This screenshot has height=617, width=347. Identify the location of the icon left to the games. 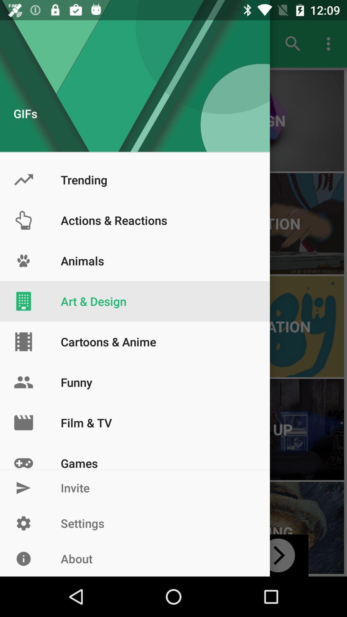
(23, 456).